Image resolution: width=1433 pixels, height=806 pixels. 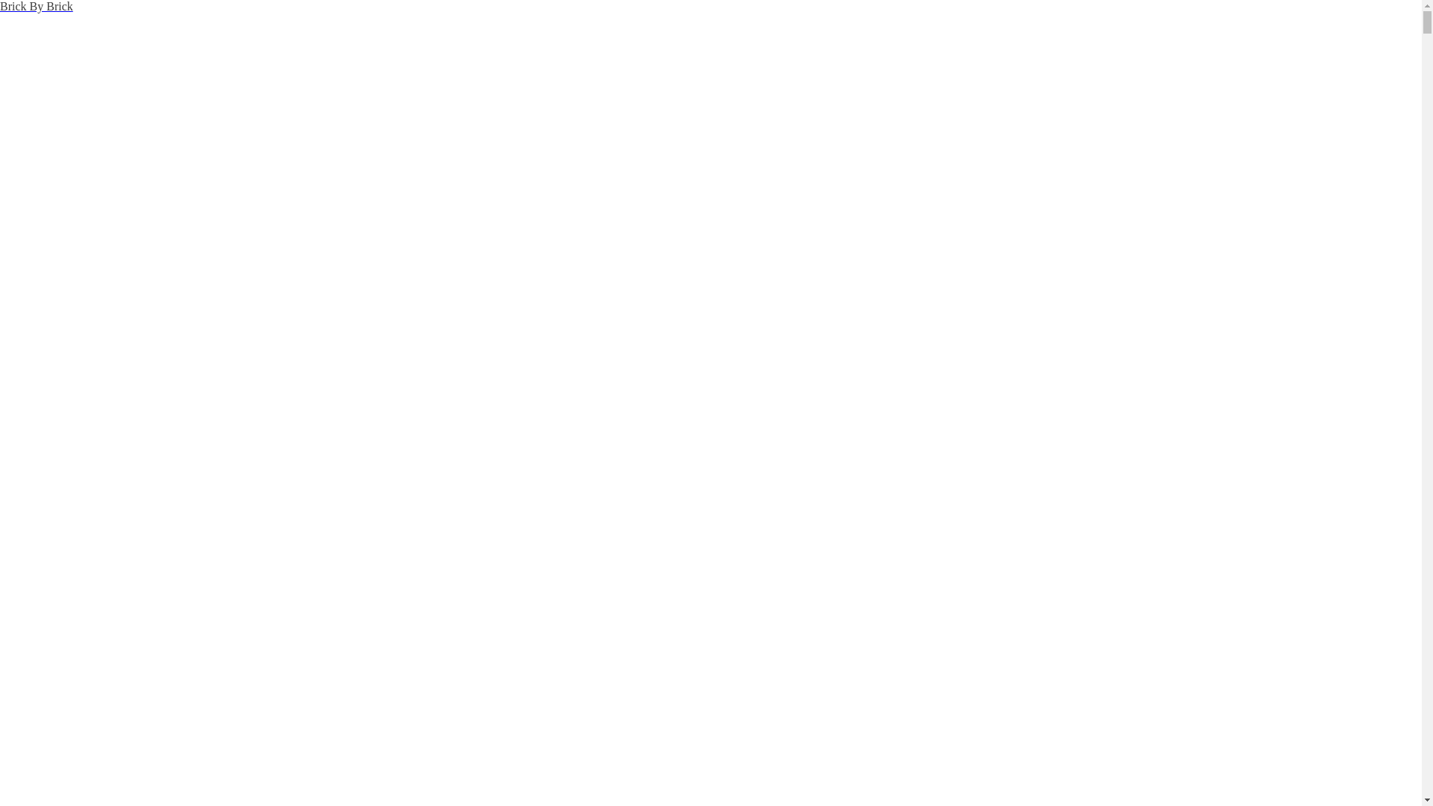 I want to click on 'Brick By Brick', so click(x=36, y=6).